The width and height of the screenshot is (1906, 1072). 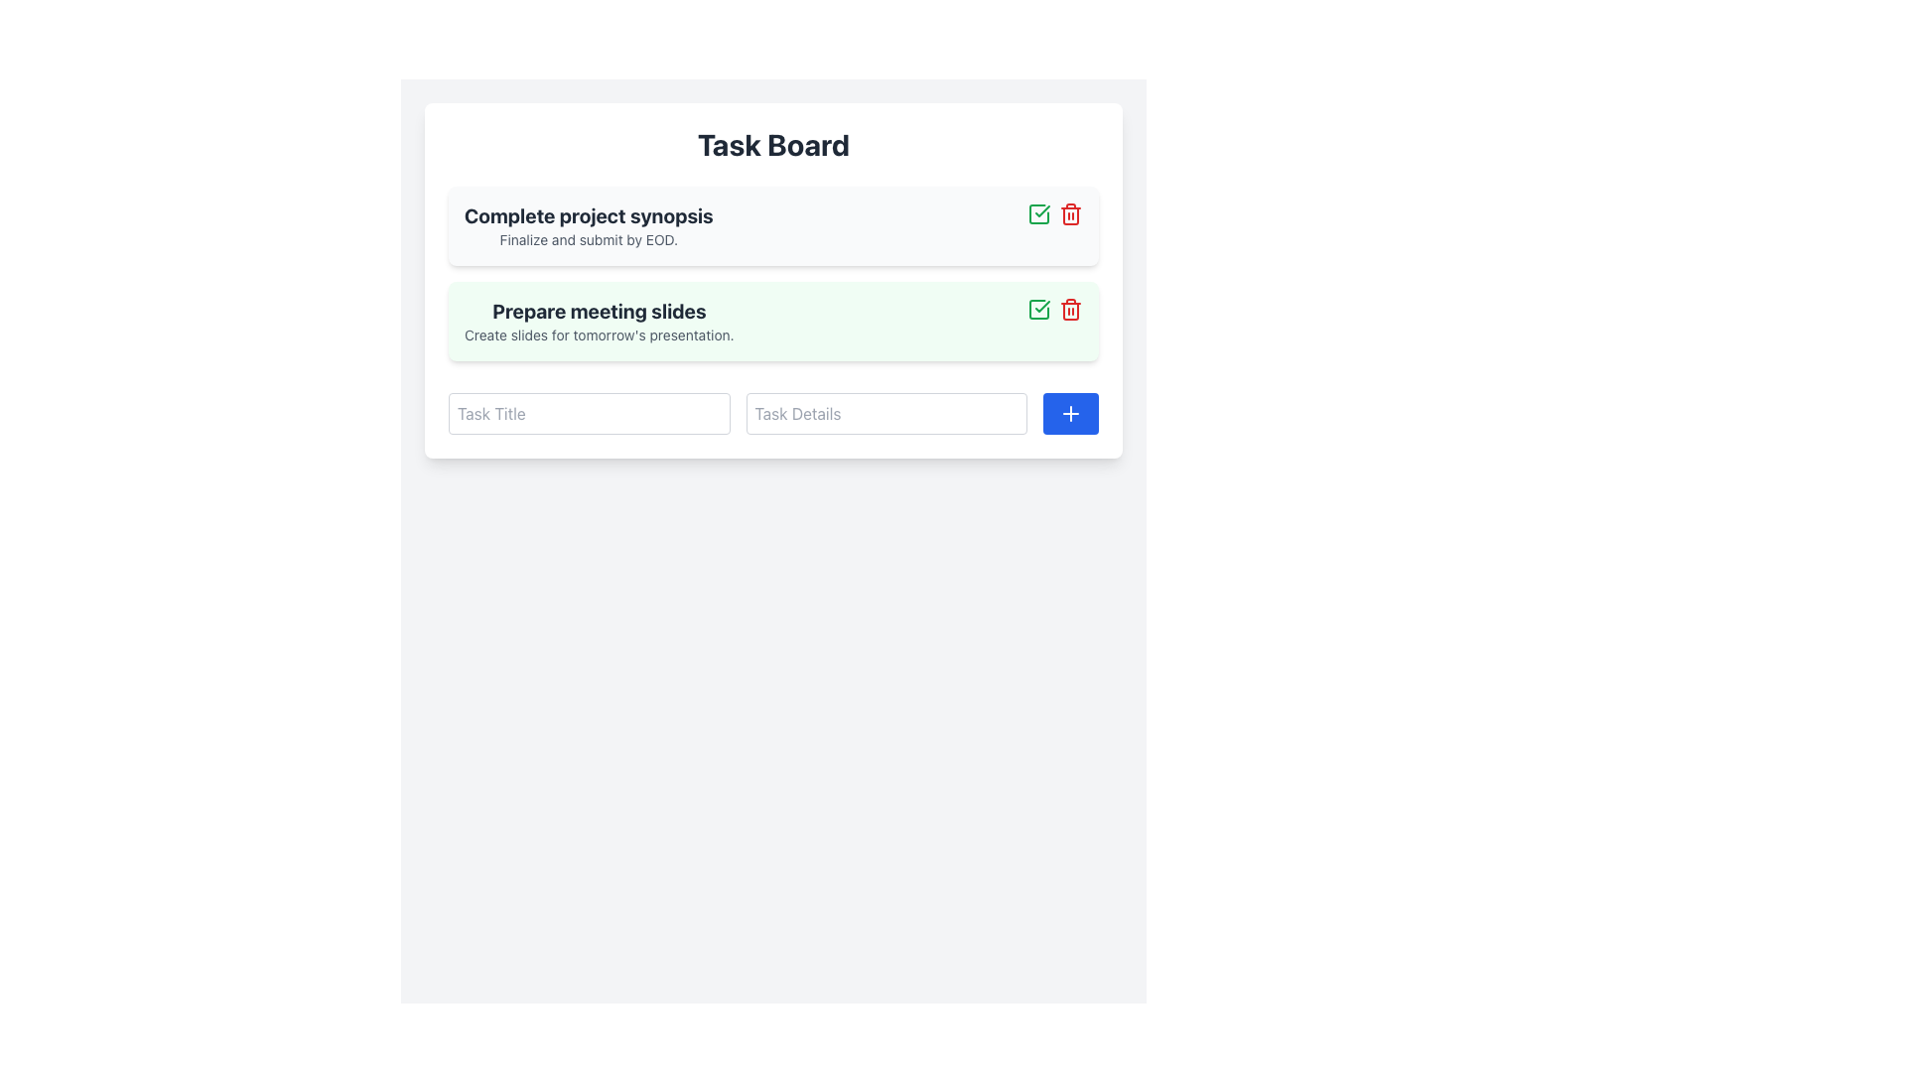 I want to click on task subtitle displayed on the text label within the green-shaded rectangular card located in the center-right area of the task board interface, specifically the second task card below the title 'Task Board', so click(x=598, y=321).